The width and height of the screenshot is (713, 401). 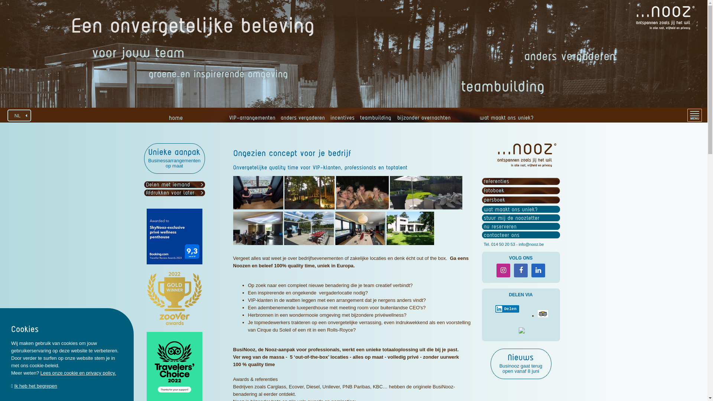 I want to click on 'stuur mij de noozletter', so click(x=511, y=217).